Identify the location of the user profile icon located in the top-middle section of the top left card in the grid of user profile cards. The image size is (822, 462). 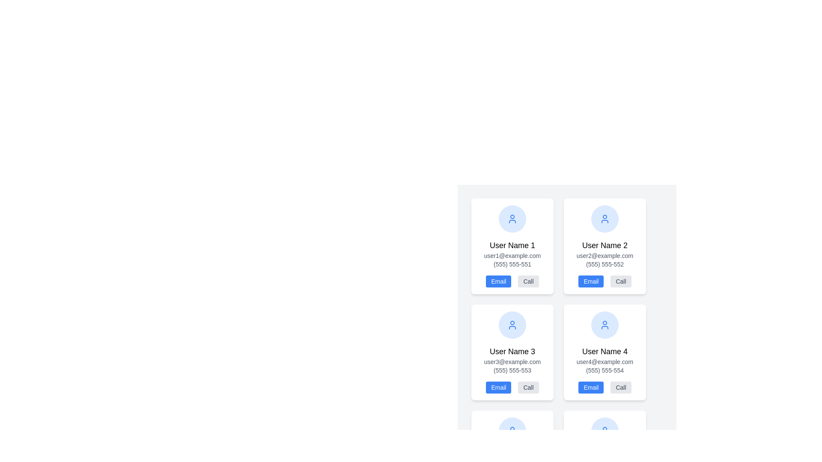
(512, 219).